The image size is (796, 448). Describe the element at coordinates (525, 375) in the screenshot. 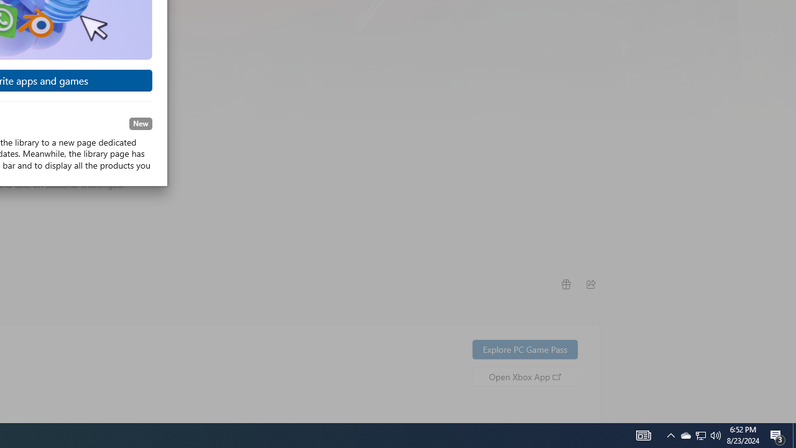

I see `'Open Xbox App'` at that location.